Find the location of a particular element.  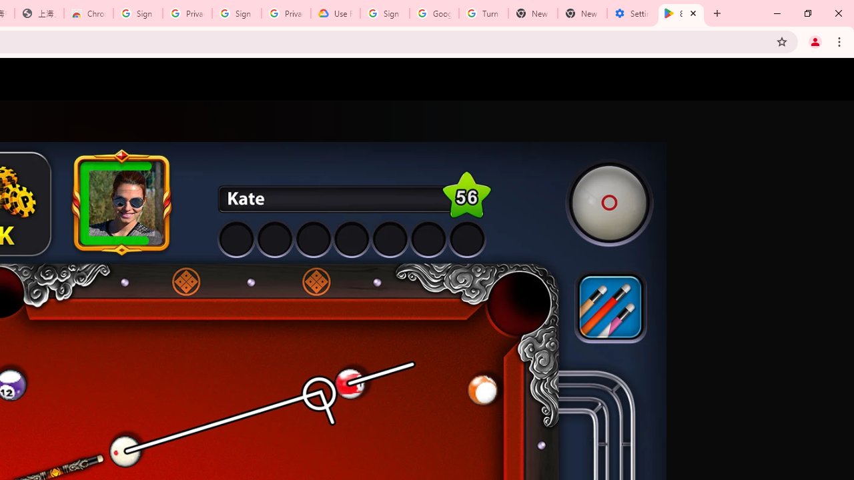

'Settings - System' is located at coordinates (631, 13).